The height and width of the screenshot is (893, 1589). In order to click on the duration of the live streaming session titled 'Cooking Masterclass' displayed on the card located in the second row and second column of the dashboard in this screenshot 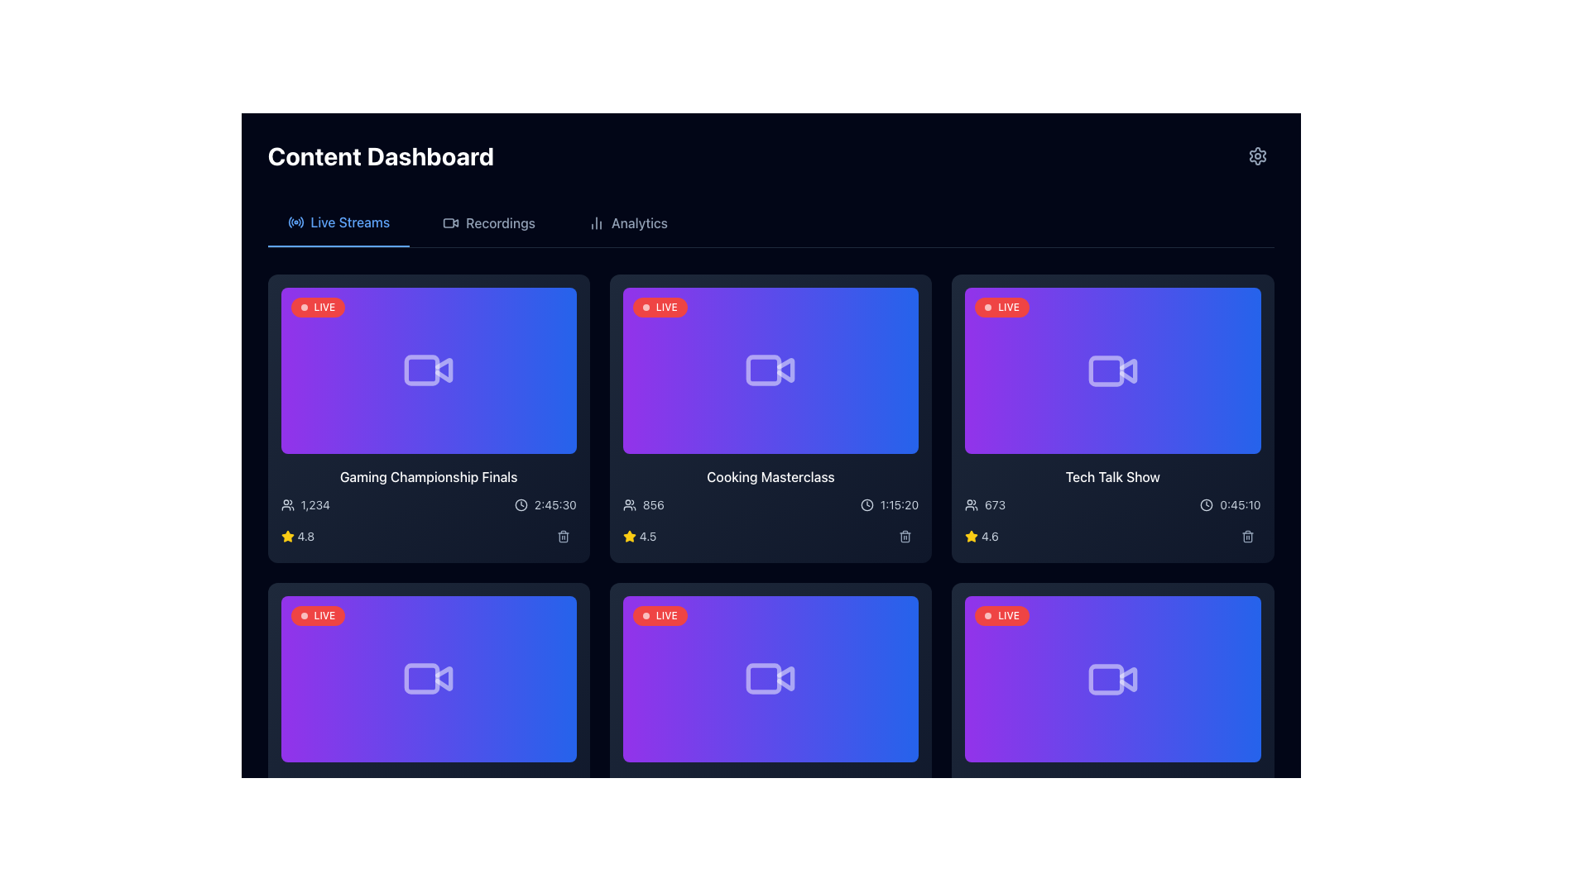, I will do `click(770, 507)`.